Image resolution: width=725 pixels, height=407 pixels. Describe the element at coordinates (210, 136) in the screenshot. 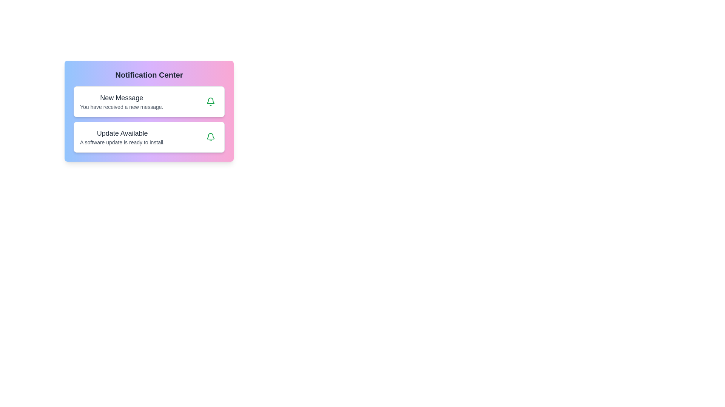

I see `the notification icon located at the upper right side of the first notification card, near the text 'New Message'` at that location.